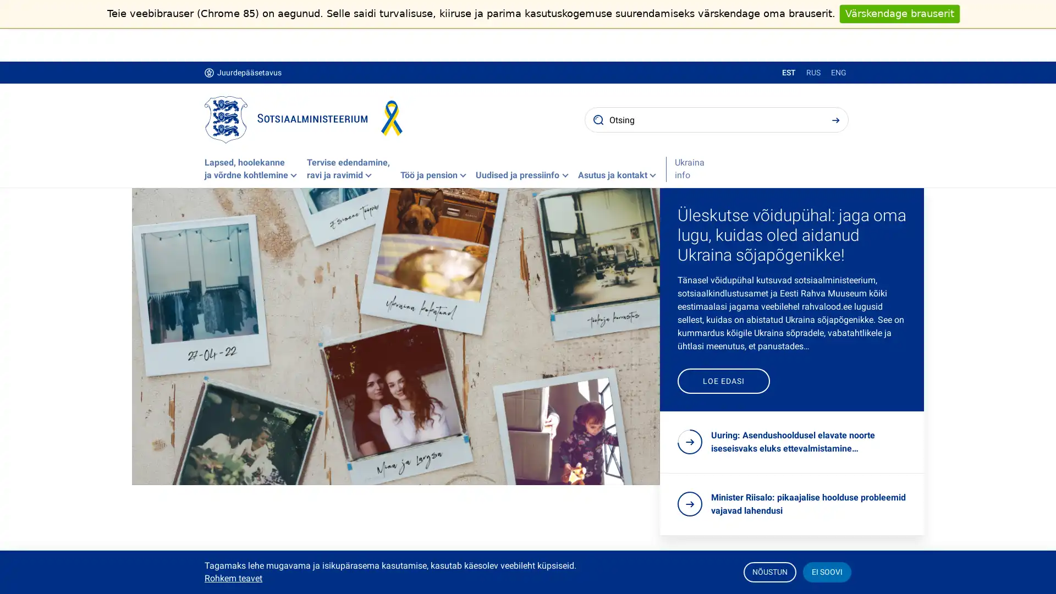 The height and width of the screenshot is (594, 1056). I want to click on Search, so click(835, 119).